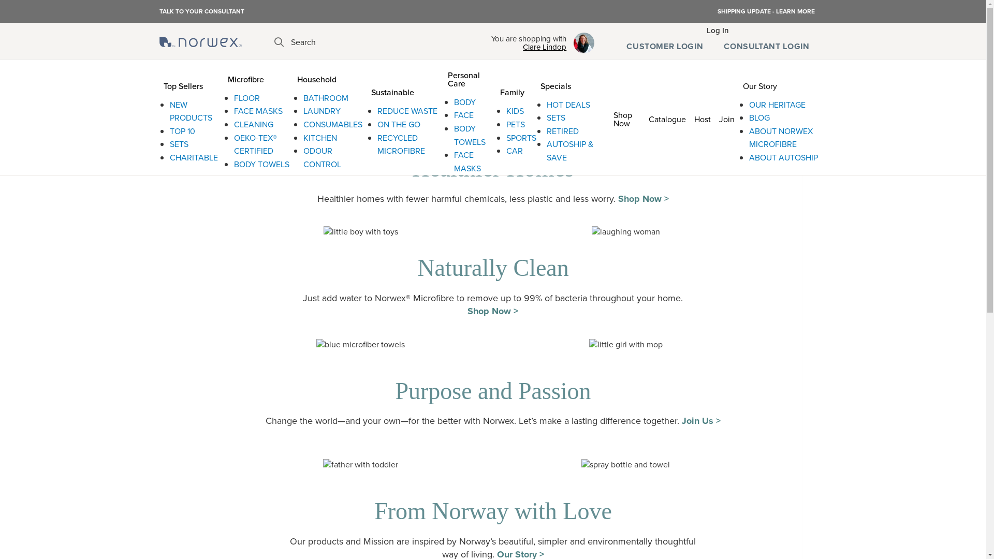 Image resolution: width=994 pixels, height=559 pixels. Describe the element at coordinates (319, 137) in the screenshot. I see `'KITCHEN'` at that location.